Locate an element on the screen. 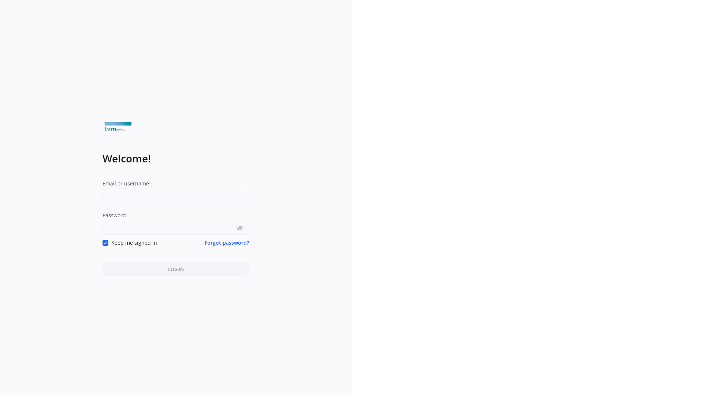 The height and width of the screenshot is (395, 703). 'Forgot password?' is located at coordinates (226, 242).